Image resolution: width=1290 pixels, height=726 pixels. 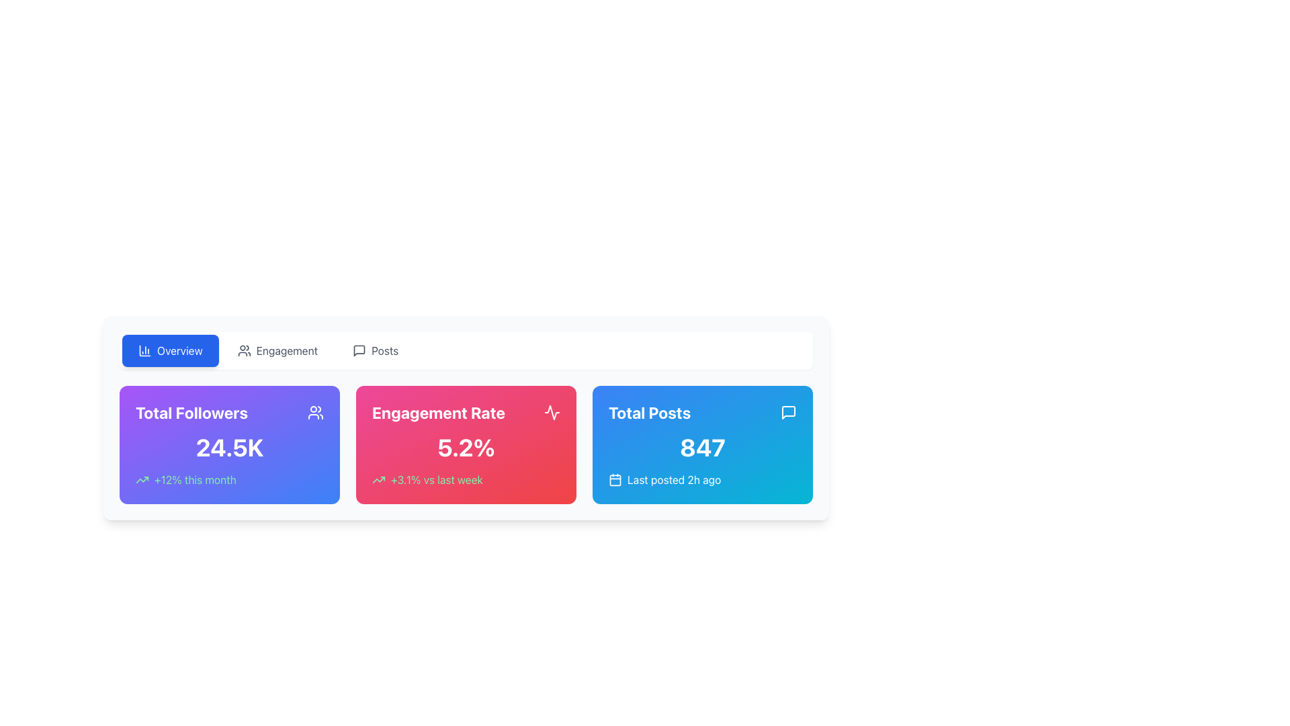 What do you see at coordinates (229, 445) in the screenshot?
I see `the first Informational Card displaying 'Total Followers', which features a gradient background and shows the number '24.5K' prominently in the center` at bounding box center [229, 445].